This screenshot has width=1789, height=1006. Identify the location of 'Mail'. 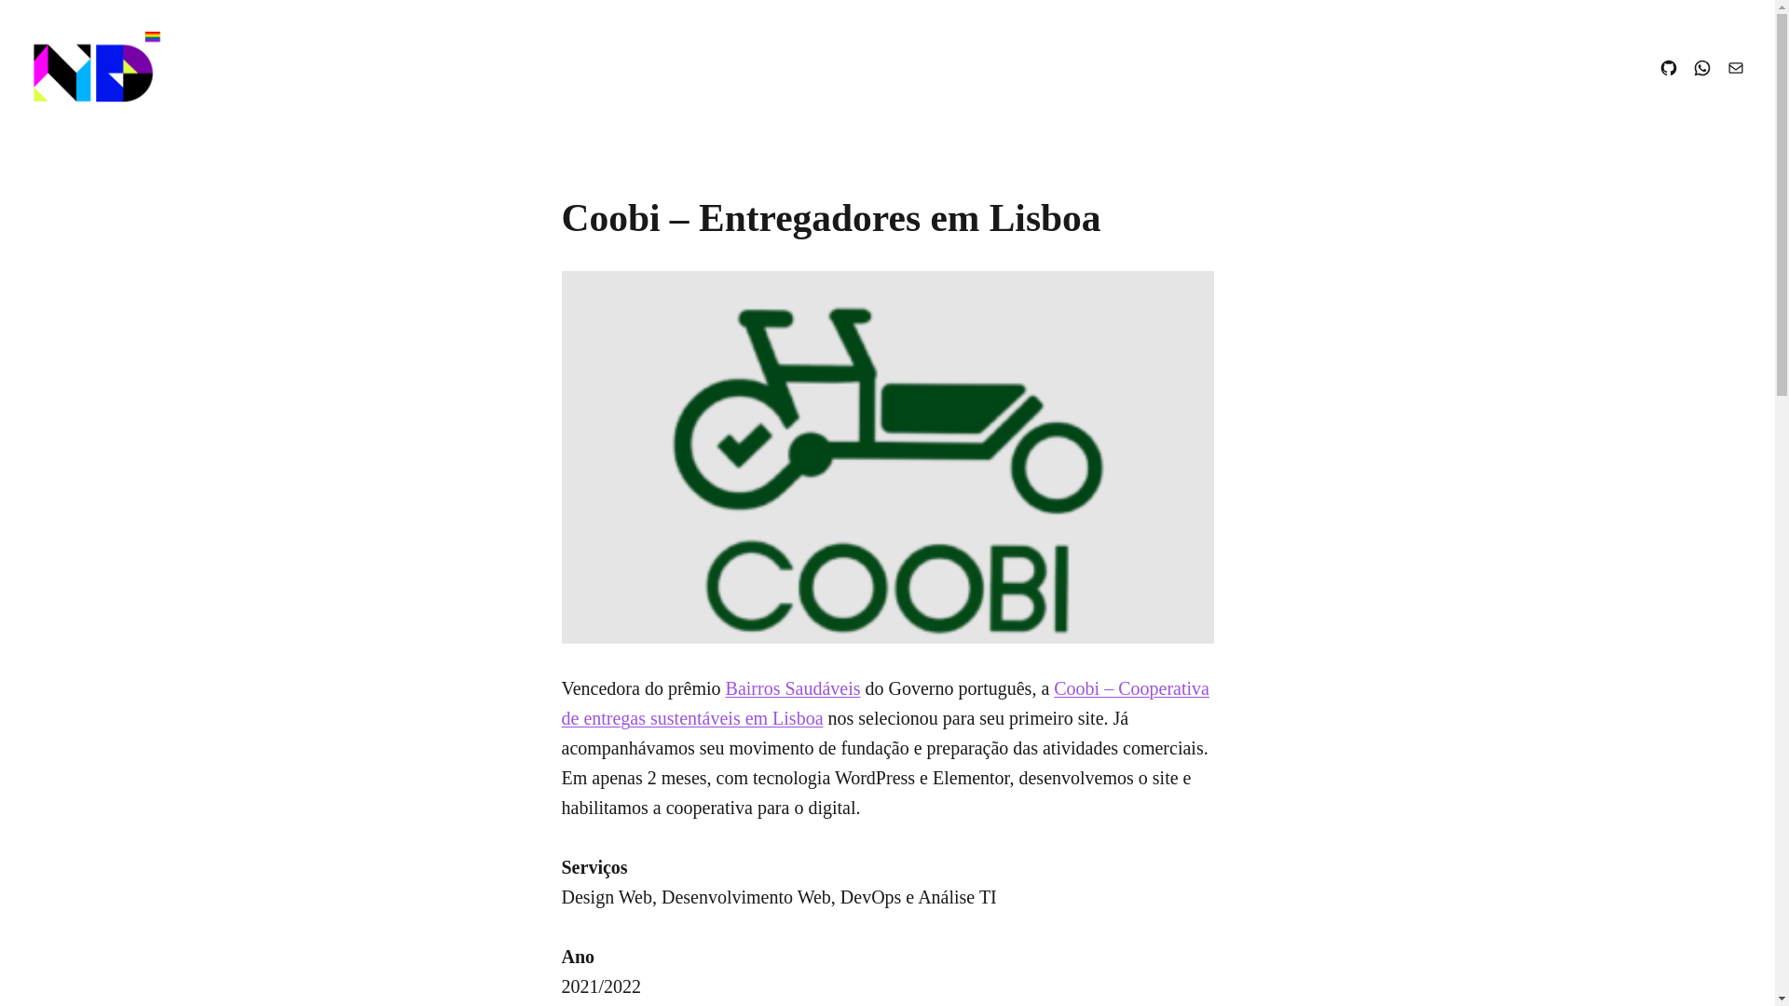
(1734, 67).